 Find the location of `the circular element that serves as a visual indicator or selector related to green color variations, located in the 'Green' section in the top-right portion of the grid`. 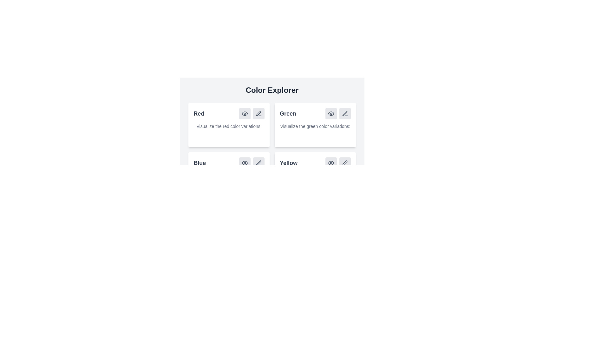

the circular element that serves as a visual indicator or selector related to green color variations, located in the 'Green' section in the top-right portion of the grid is located at coordinates (310, 136).